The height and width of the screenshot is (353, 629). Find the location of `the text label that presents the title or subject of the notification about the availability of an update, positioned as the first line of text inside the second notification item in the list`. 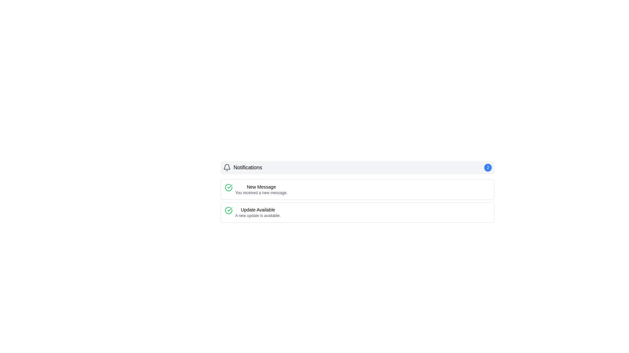

the text label that presents the title or subject of the notification about the availability of an update, positioned as the first line of text inside the second notification item in the list is located at coordinates (257, 210).